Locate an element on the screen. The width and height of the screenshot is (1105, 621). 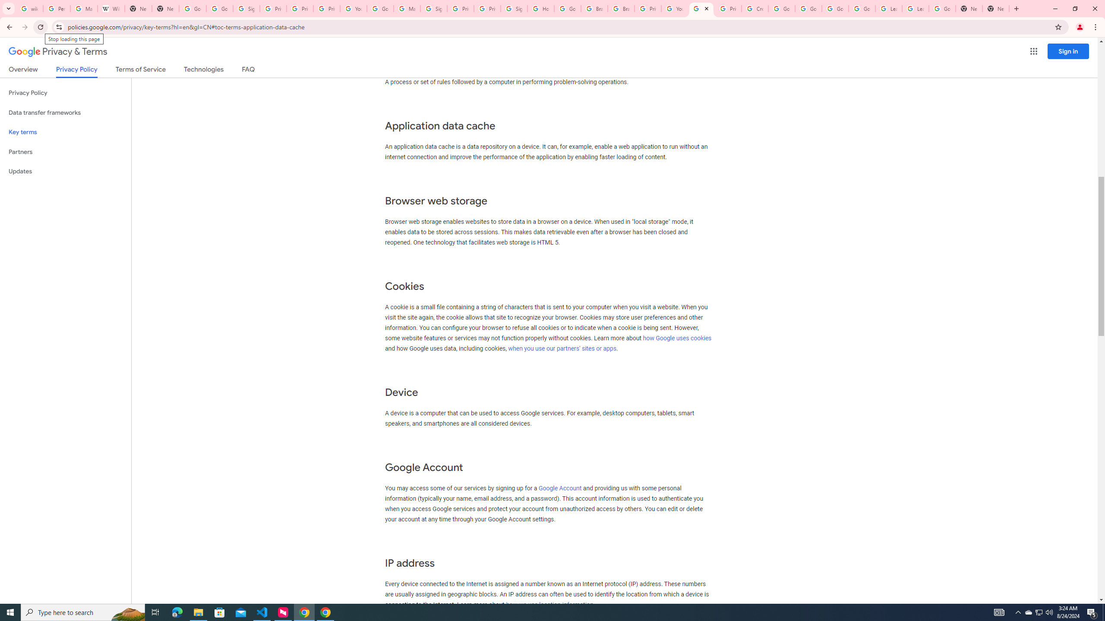
'how we use location information.' is located at coordinates (550, 604).